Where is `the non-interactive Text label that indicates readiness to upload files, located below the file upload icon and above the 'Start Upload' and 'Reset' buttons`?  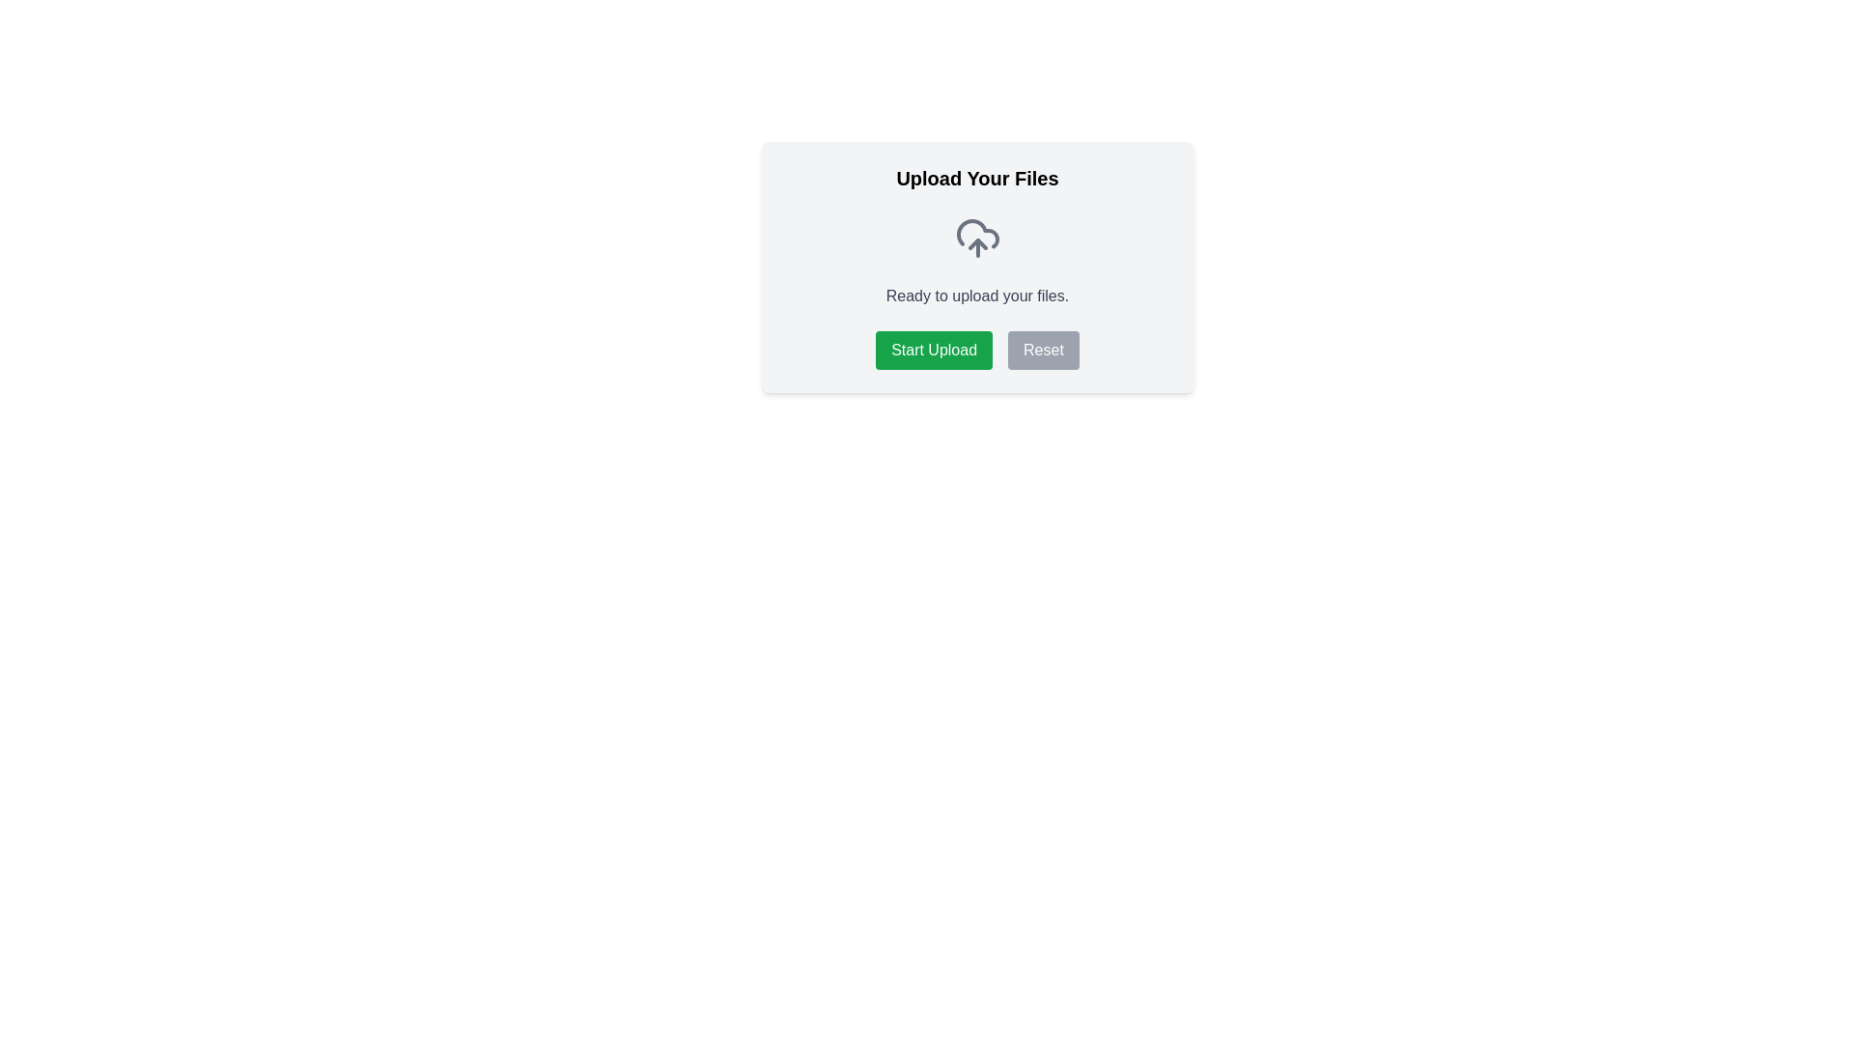 the non-interactive Text label that indicates readiness to upload files, located below the file upload icon and above the 'Start Upload' and 'Reset' buttons is located at coordinates (977, 296).